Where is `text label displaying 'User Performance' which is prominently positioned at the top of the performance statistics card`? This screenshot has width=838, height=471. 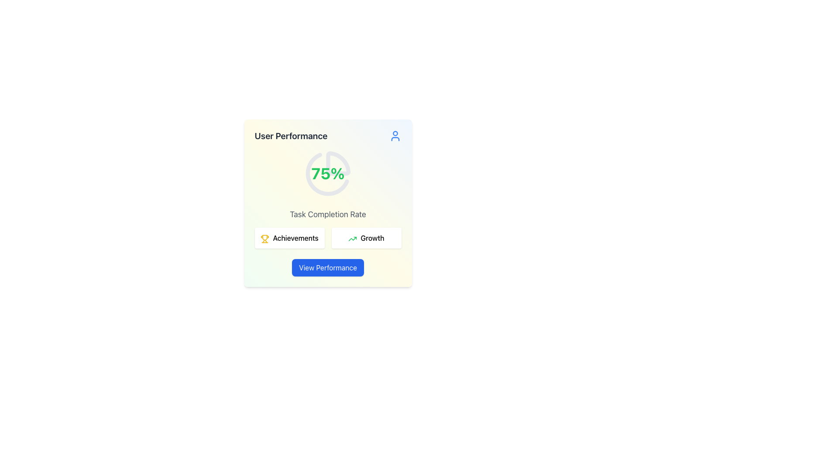
text label displaying 'User Performance' which is prominently positioned at the top of the performance statistics card is located at coordinates (291, 136).